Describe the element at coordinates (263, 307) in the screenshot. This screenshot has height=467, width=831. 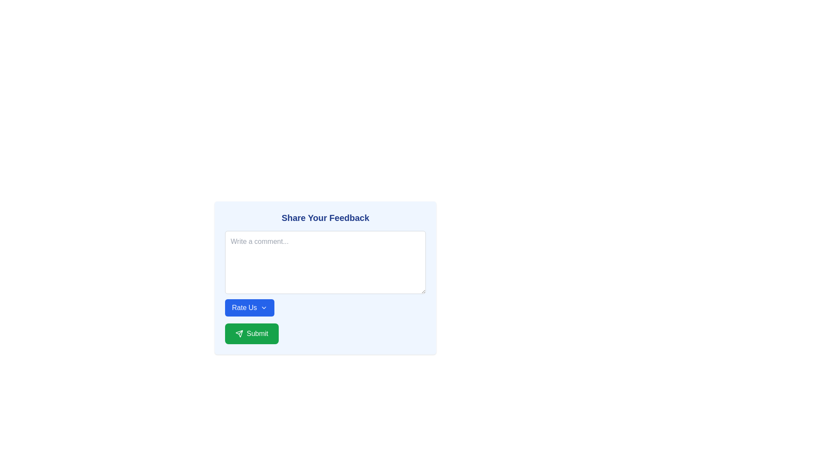
I see `the chevron icon located on the right side of the 'Rate Us' button` at that location.